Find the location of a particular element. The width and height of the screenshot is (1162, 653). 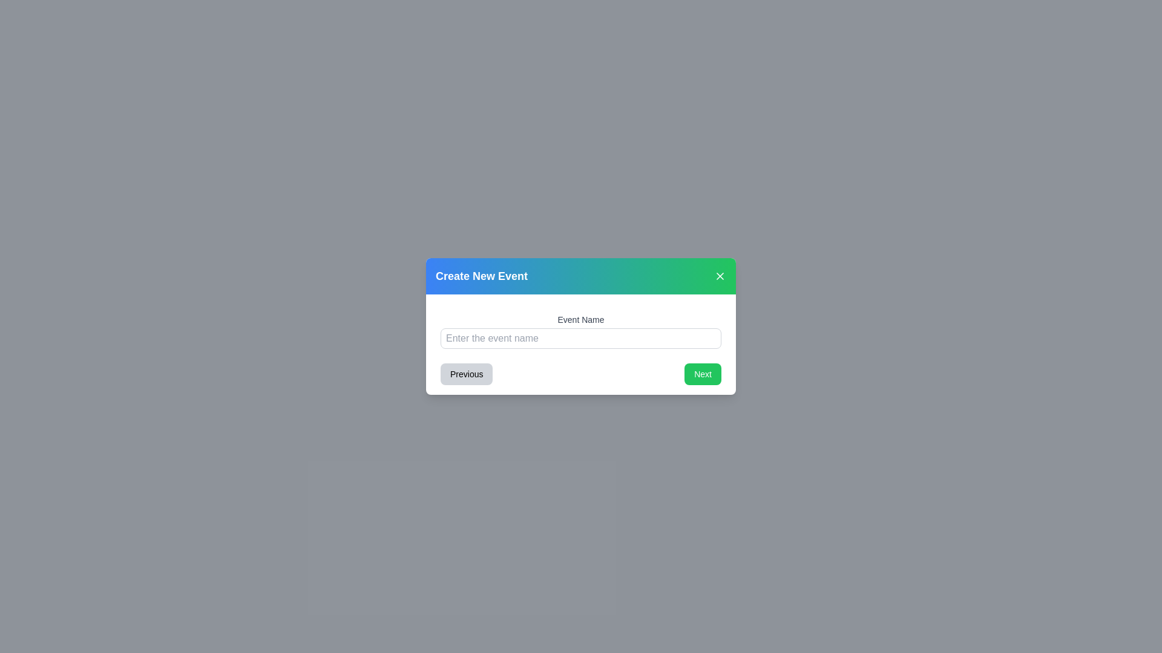

the close button located in the top-right corner of the 'Create New Event' modal is located at coordinates (720, 276).